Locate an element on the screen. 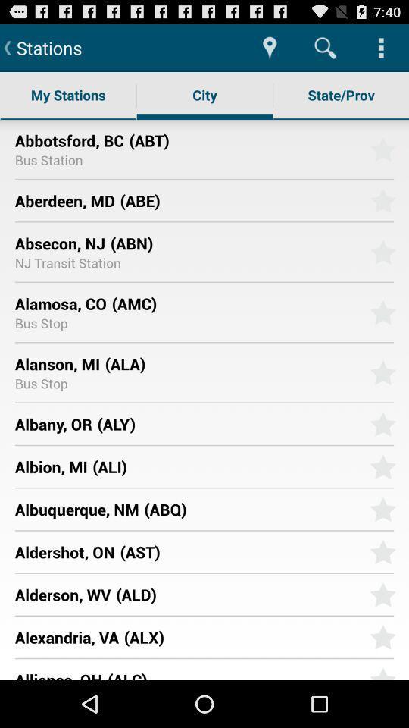  (ali) icon is located at coordinates (225, 466).